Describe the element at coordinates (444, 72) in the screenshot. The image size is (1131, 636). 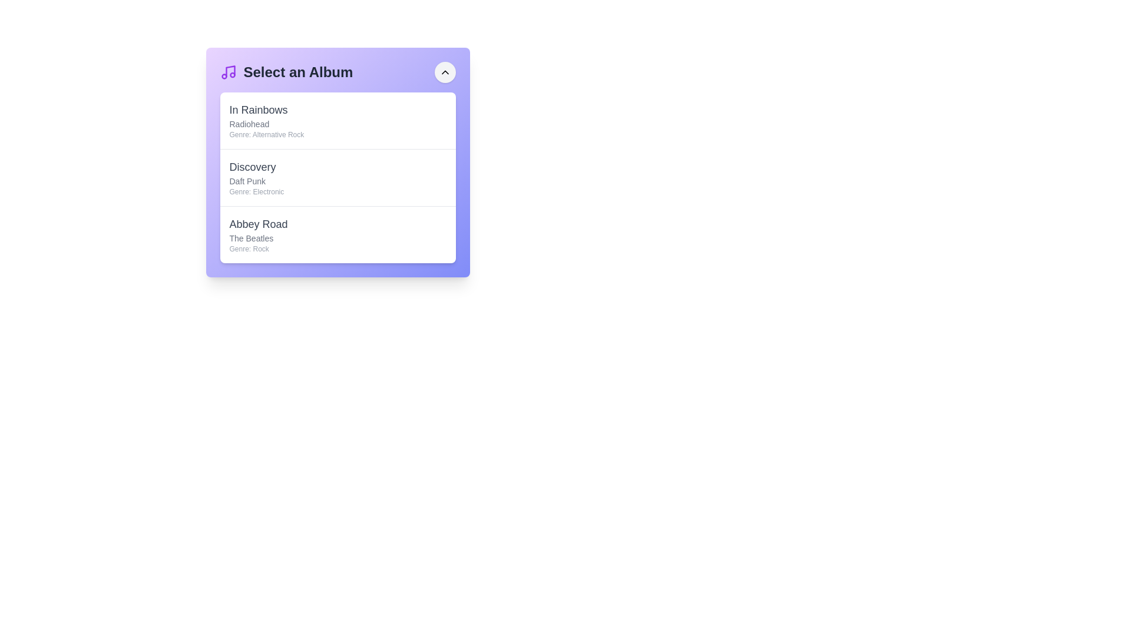
I see `the circular button with a light gray background and a black upward-facing chevron icon located in the top-right corner of the 'Select an Album' section` at that location.